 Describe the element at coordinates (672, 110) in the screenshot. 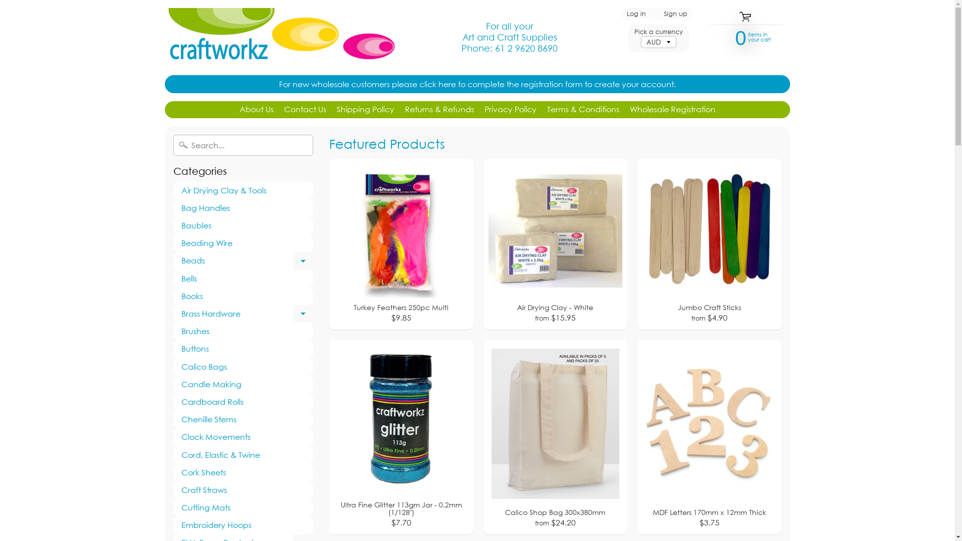

I see `'Wholesale Registration'` at that location.